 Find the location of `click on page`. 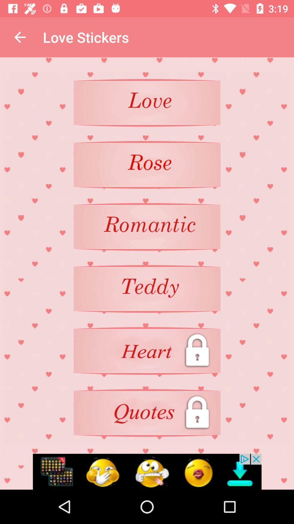

click on page is located at coordinates (147, 103).